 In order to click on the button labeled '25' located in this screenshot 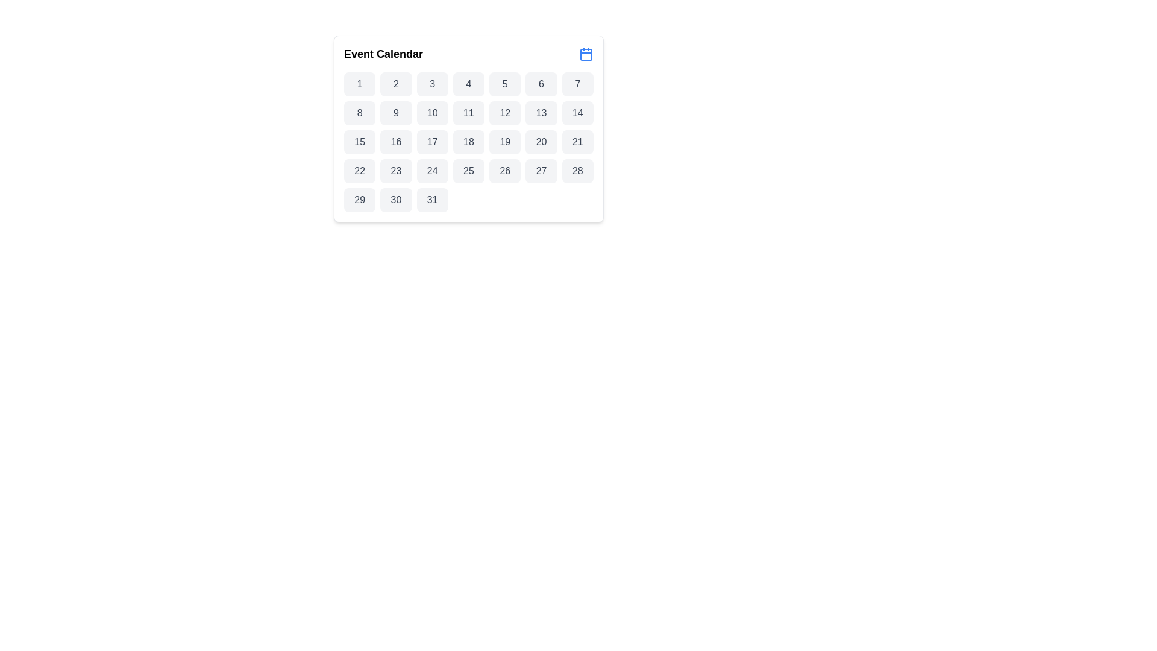, I will do `click(468, 171)`.